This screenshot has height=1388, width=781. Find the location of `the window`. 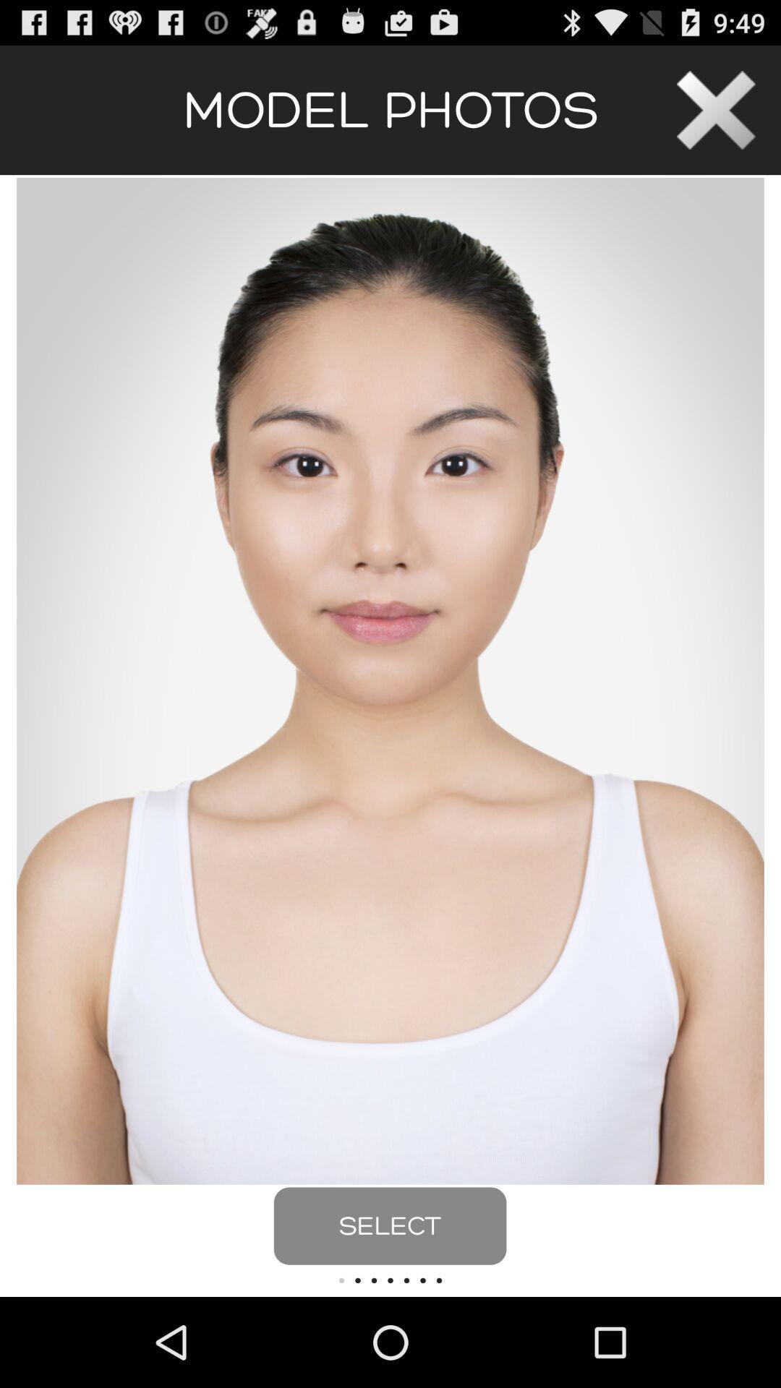

the window is located at coordinates (716, 109).